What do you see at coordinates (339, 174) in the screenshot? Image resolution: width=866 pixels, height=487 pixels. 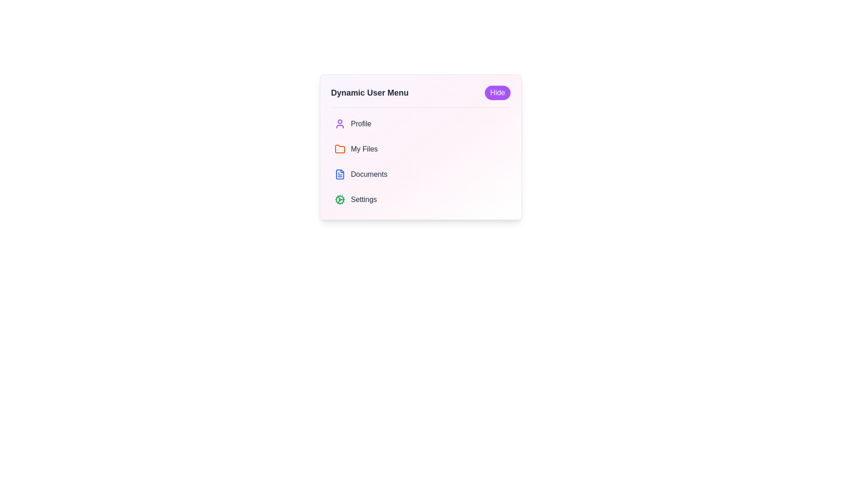 I see `the document icon with a blue outline and white fill, which is the third entry in the 'Dynamic User Menu' adjacent to the 'Documents' label` at bounding box center [339, 174].